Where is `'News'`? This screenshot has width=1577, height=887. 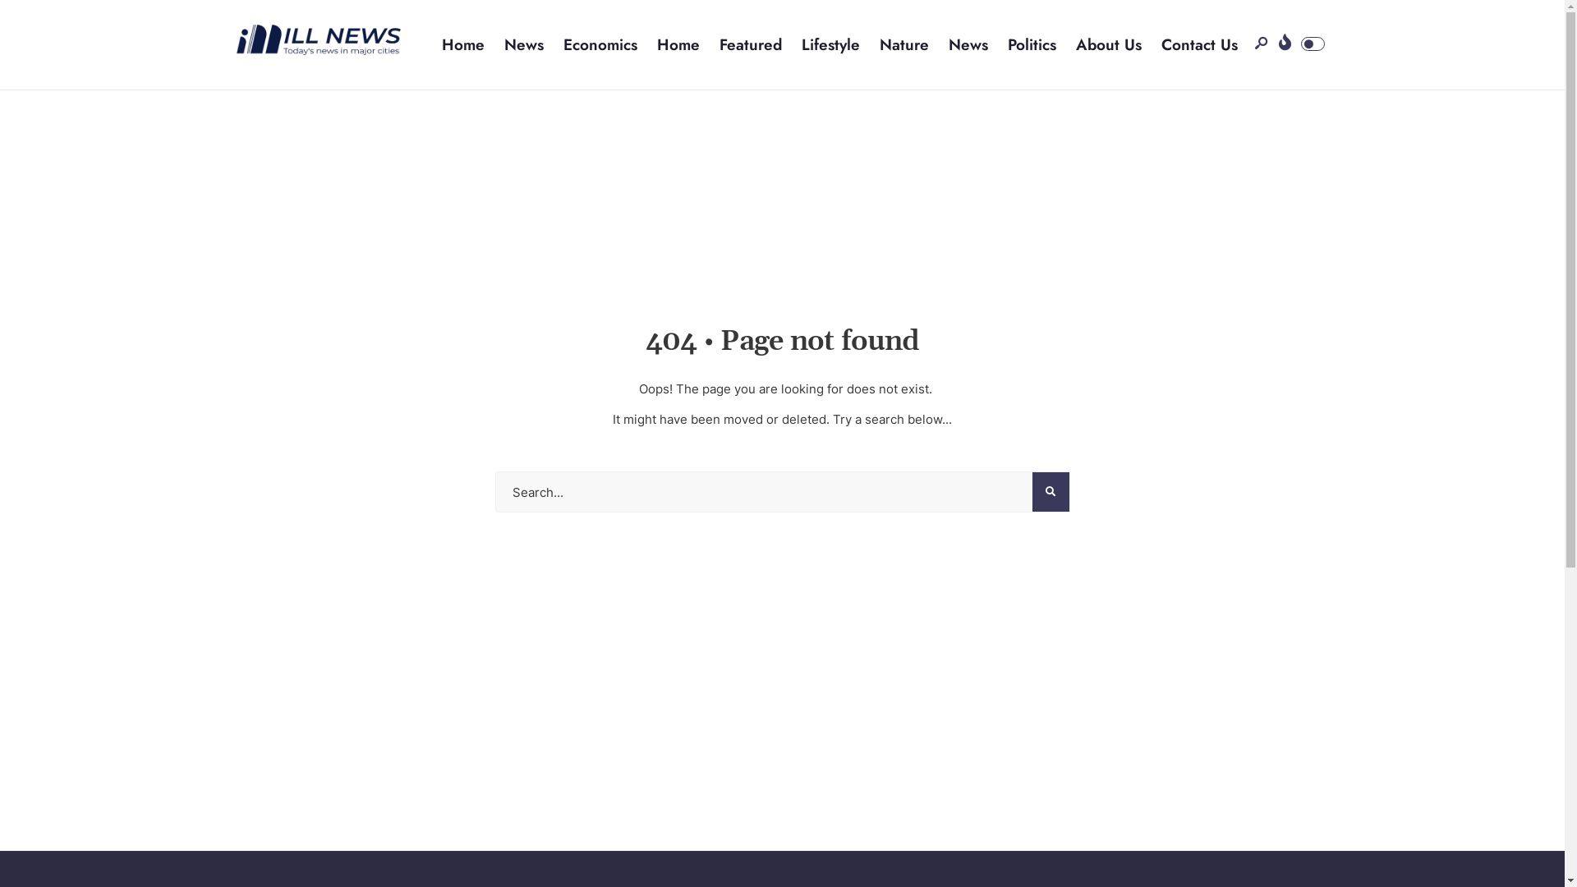 'News' is located at coordinates (968, 44).